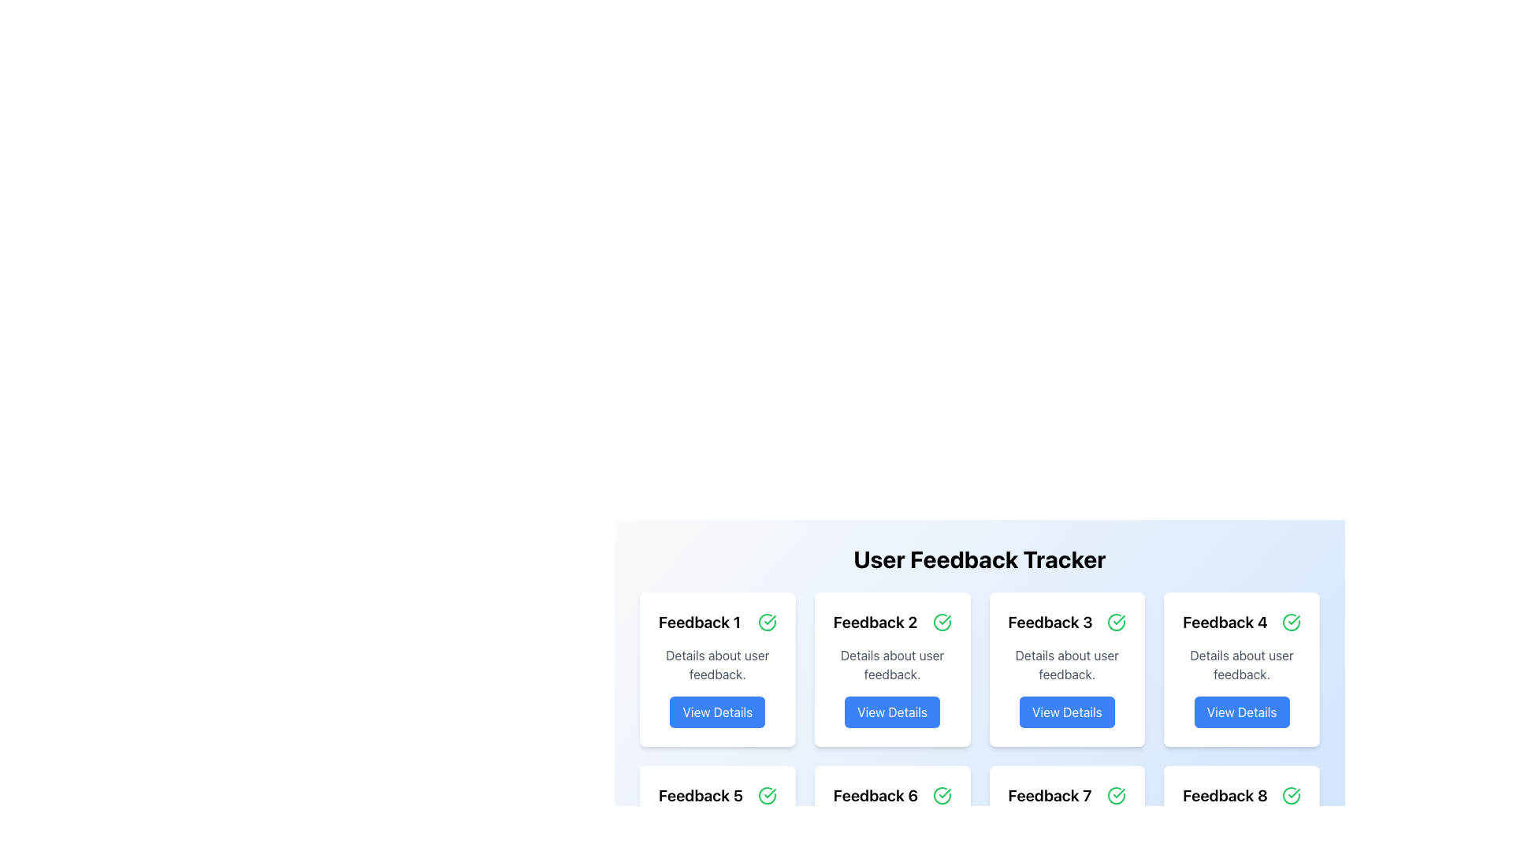 The image size is (1513, 851). Describe the element at coordinates (979, 558) in the screenshot. I see `the text component displaying the title 'User Feedback Tracker', which is a bold, large font centered at the top of the interface` at that location.